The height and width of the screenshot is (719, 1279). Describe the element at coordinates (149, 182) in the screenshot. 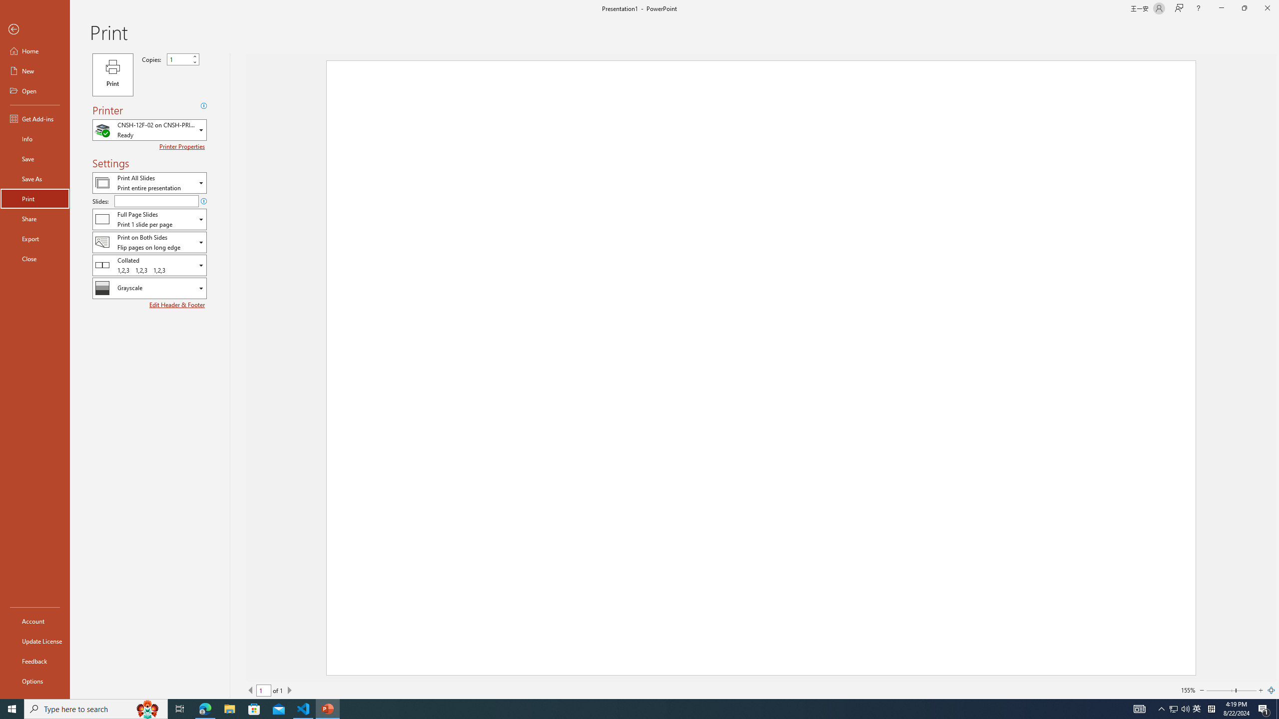

I see `'Print What'` at that location.